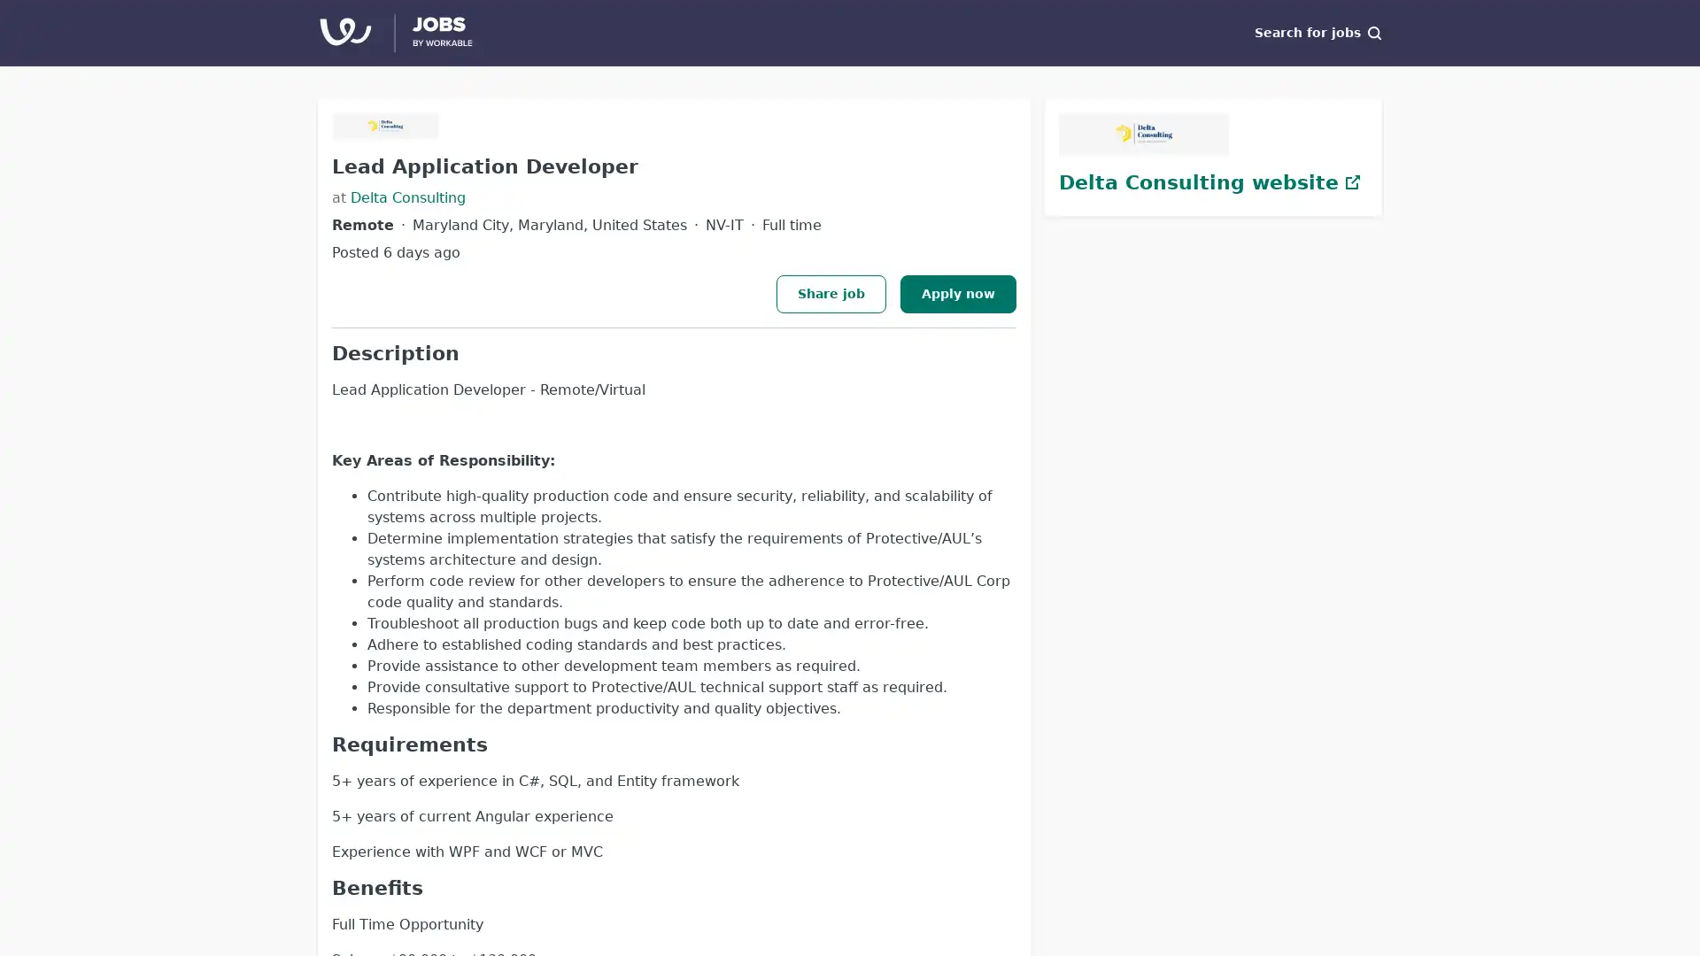 This screenshot has width=1700, height=956. Describe the element at coordinates (1317, 33) in the screenshot. I see `Search for jobs` at that location.